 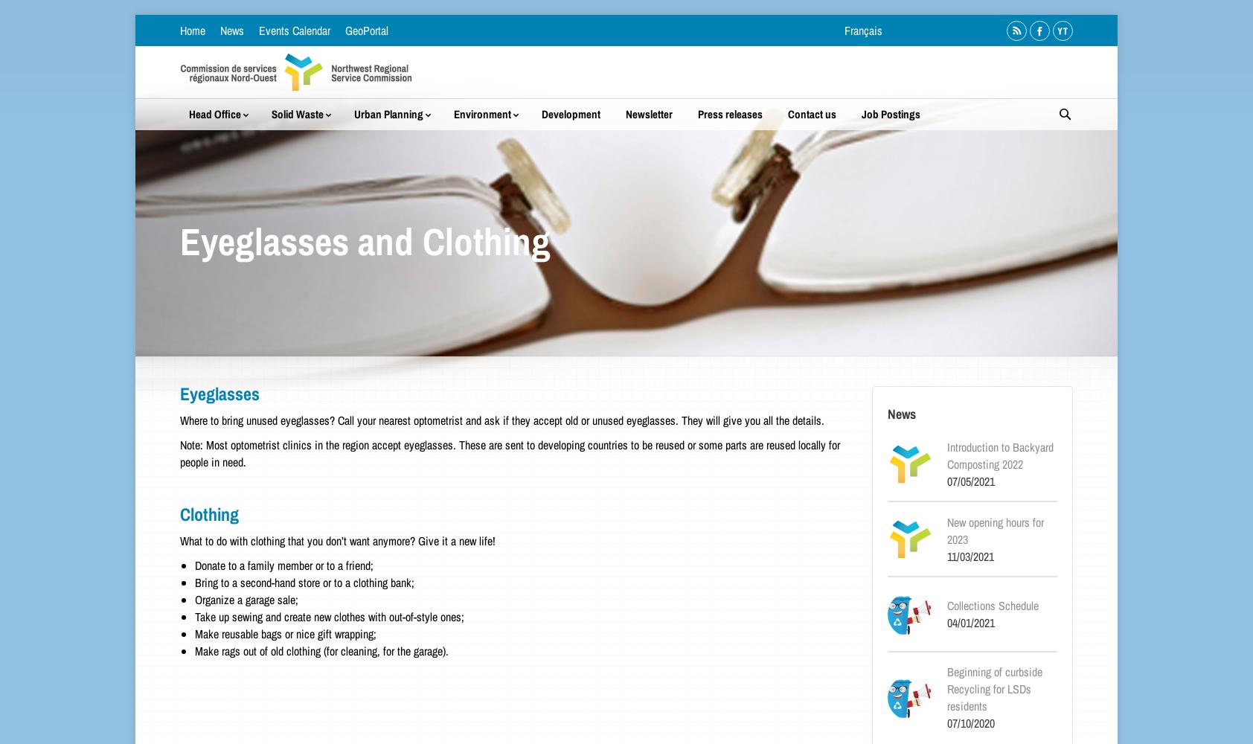 What do you see at coordinates (570, 114) in the screenshot?
I see `'Development'` at bounding box center [570, 114].